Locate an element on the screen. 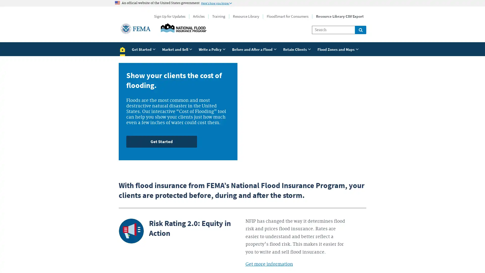 This screenshot has width=485, height=273. Here's how you know is located at coordinates (216, 3).